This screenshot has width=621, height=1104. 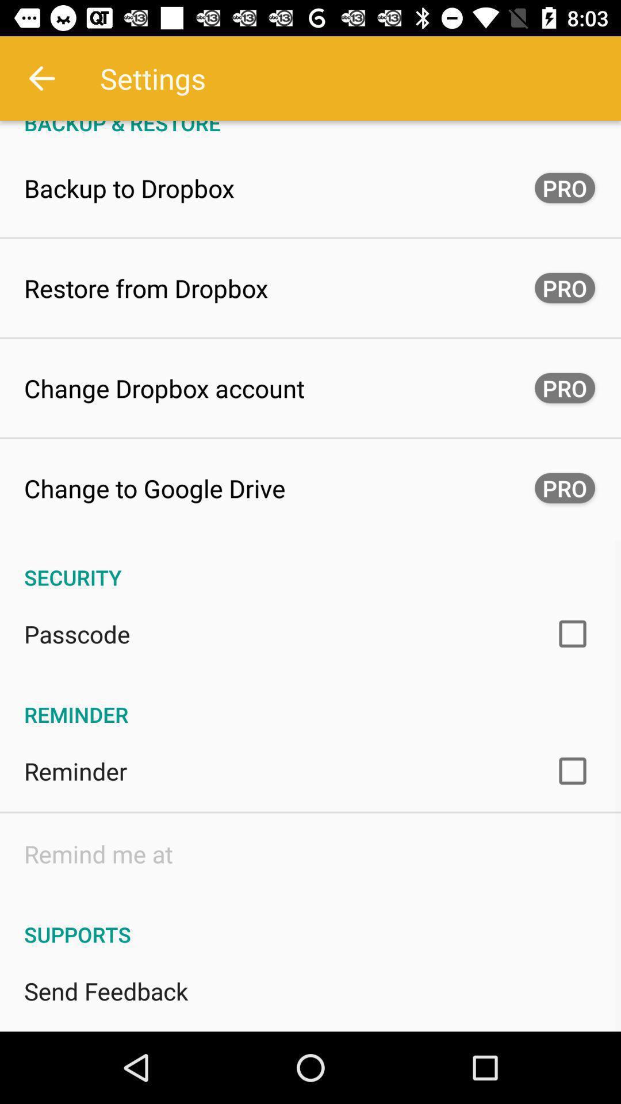 I want to click on the app below the security, so click(x=77, y=633).